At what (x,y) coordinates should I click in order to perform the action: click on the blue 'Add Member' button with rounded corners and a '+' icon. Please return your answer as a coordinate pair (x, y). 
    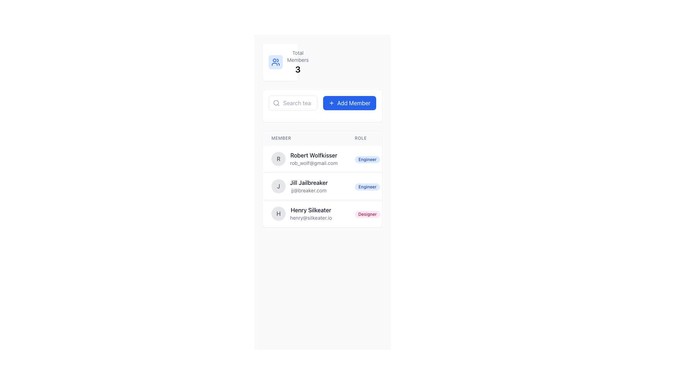
    Looking at the image, I should click on (349, 103).